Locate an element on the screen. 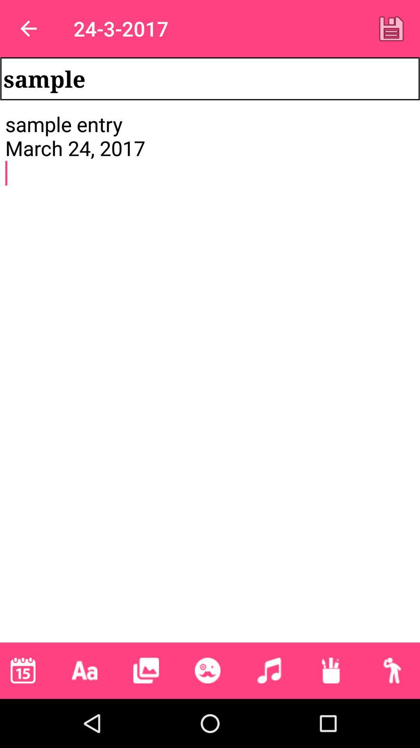 Image resolution: width=420 pixels, height=748 pixels. icon above sample is located at coordinates (391, 28).